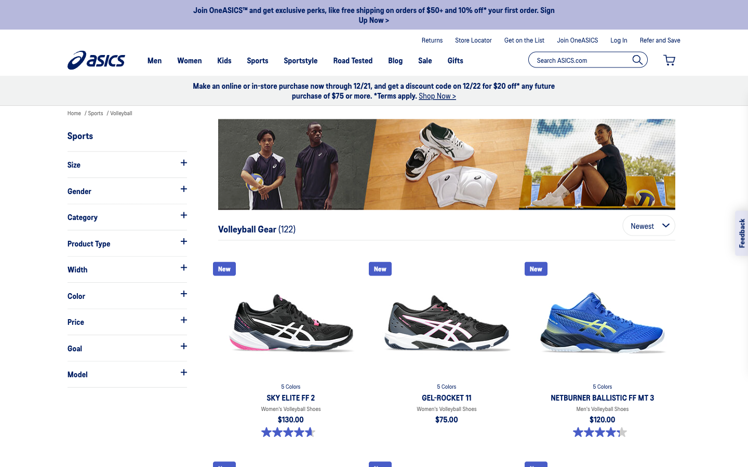 The image size is (748, 467). Describe the element at coordinates (126, 190) in the screenshot. I see `Display the collection for females` at that location.